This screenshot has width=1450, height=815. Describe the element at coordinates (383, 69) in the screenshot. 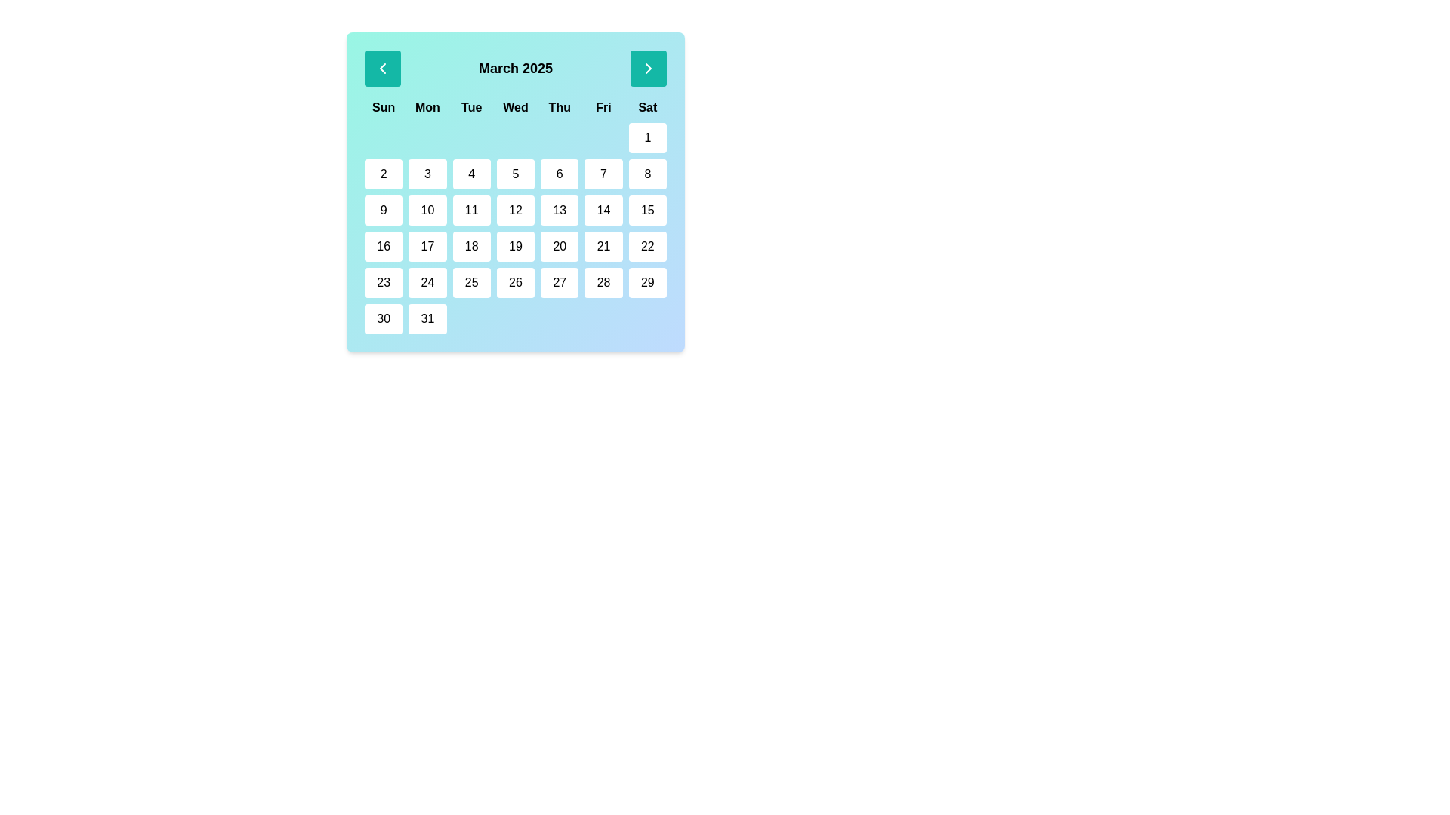

I see `the left-pointing chevron icon inside the turquoise square button located at the top-left corner of the calendar interface` at that location.